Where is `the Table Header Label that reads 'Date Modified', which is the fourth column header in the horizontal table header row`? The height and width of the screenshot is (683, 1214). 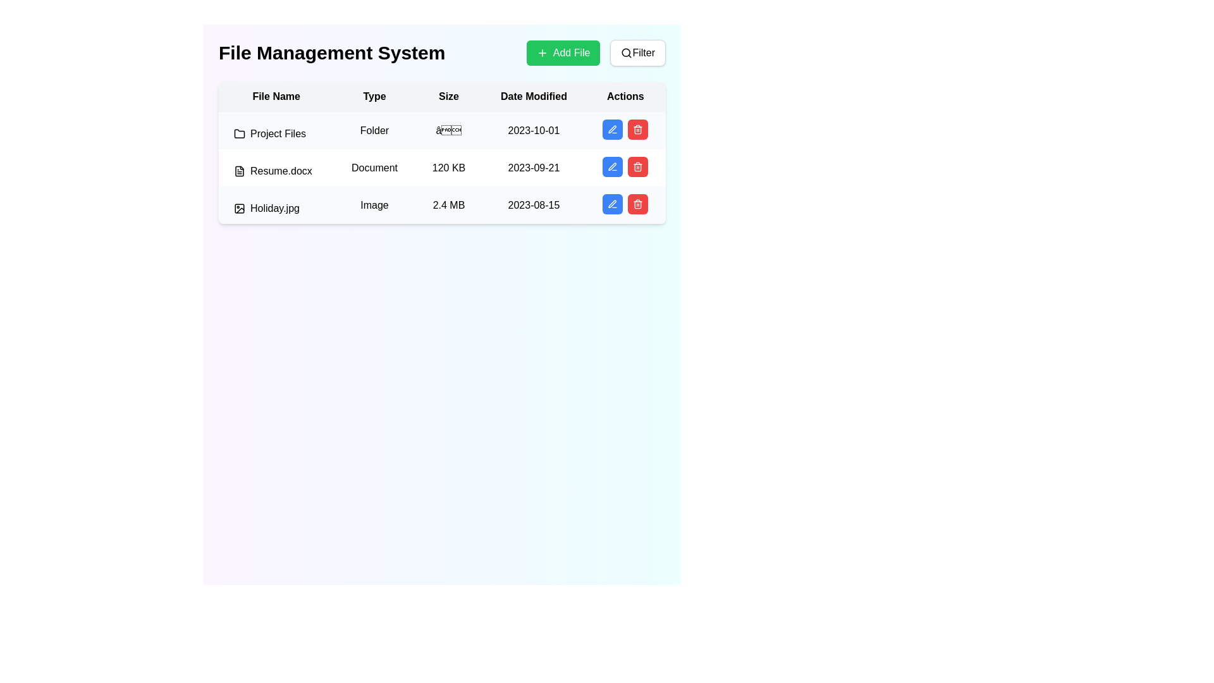 the Table Header Label that reads 'Date Modified', which is the fourth column header in the horizontal table header row is located at coordinates (534, 96).